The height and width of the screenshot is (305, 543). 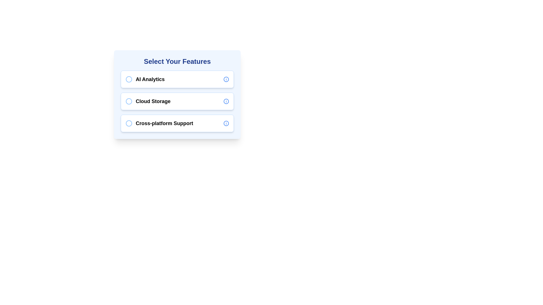 What do you see at coordinates (129, 79) in the screenshot?
I see `the visual state of the selection indicator icon positioned to the left of the 'AI Analytics' label` at bounding box center [129, 79].